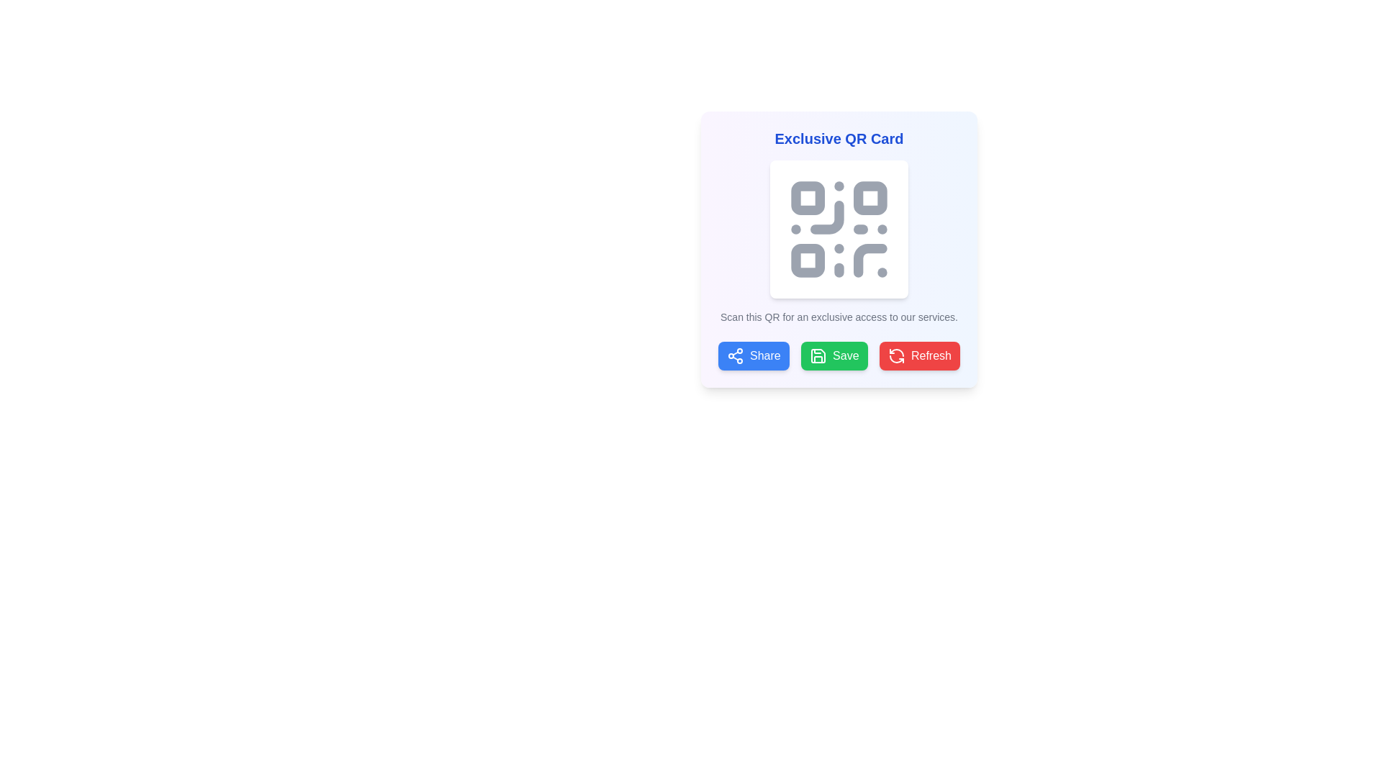 The height and width of the screenshot is (777, 1382). Describe the element at coordinates (931, 355) in the screenshot. I see `the refresh button located at the bottom-right corner of the button group, which is the third button to the right of the 'Save' button under the QR code card` at that location.